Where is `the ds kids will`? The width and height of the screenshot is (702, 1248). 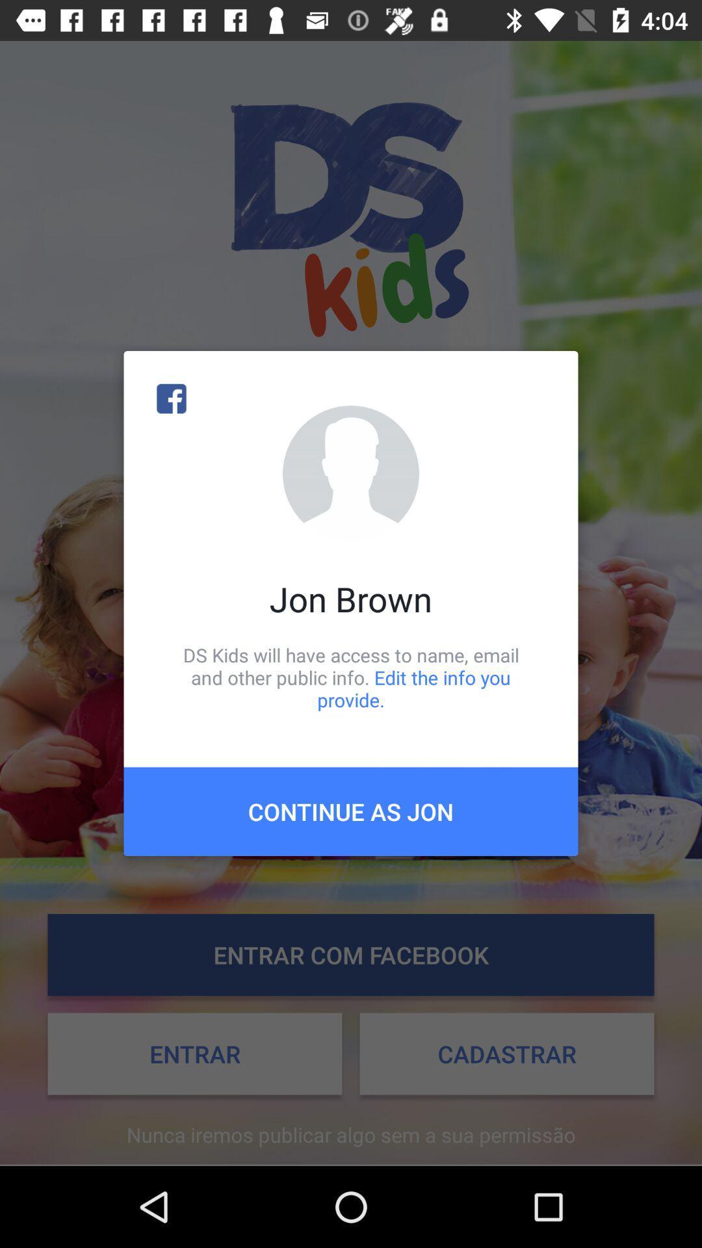
the ds kids will is located at coordinates (351, 677).